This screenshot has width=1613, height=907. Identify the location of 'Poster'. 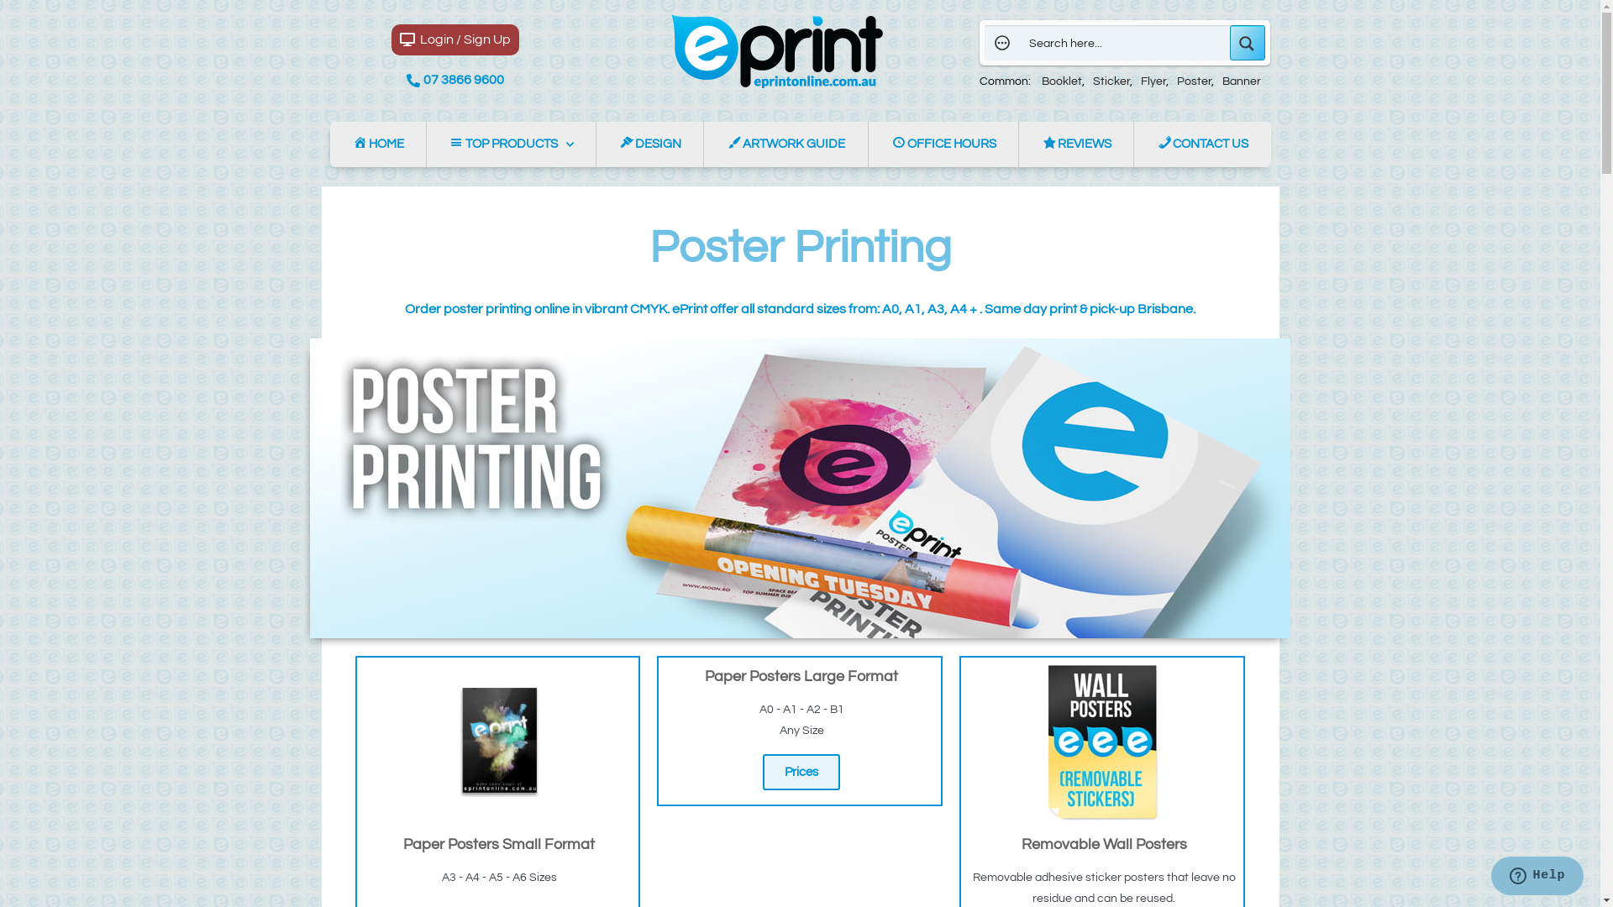
(1176, 81).